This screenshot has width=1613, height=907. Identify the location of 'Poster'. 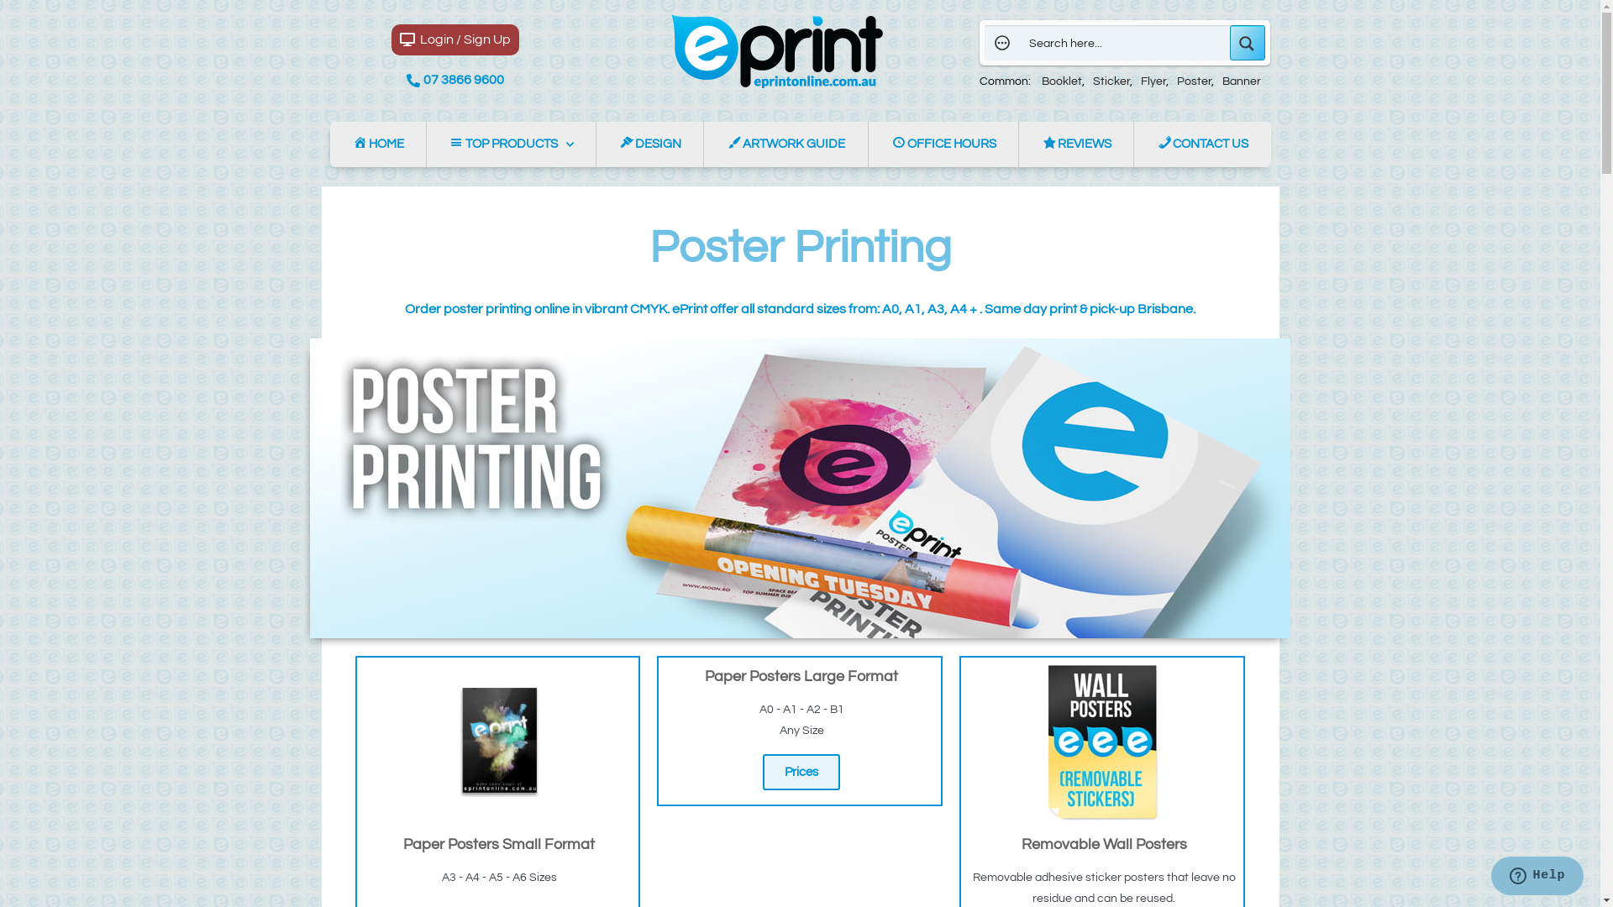
(1176, 81).